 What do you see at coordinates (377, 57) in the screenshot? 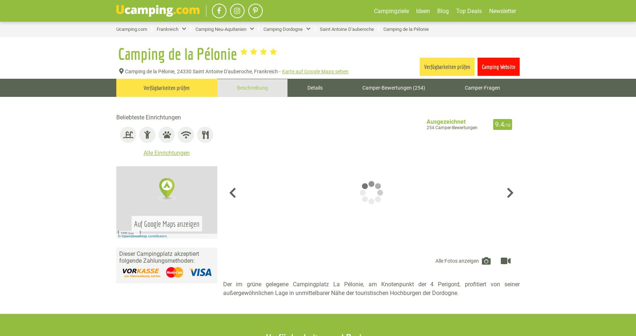
I see `'Camping Gardasee'` at bounding box center [377, 57].